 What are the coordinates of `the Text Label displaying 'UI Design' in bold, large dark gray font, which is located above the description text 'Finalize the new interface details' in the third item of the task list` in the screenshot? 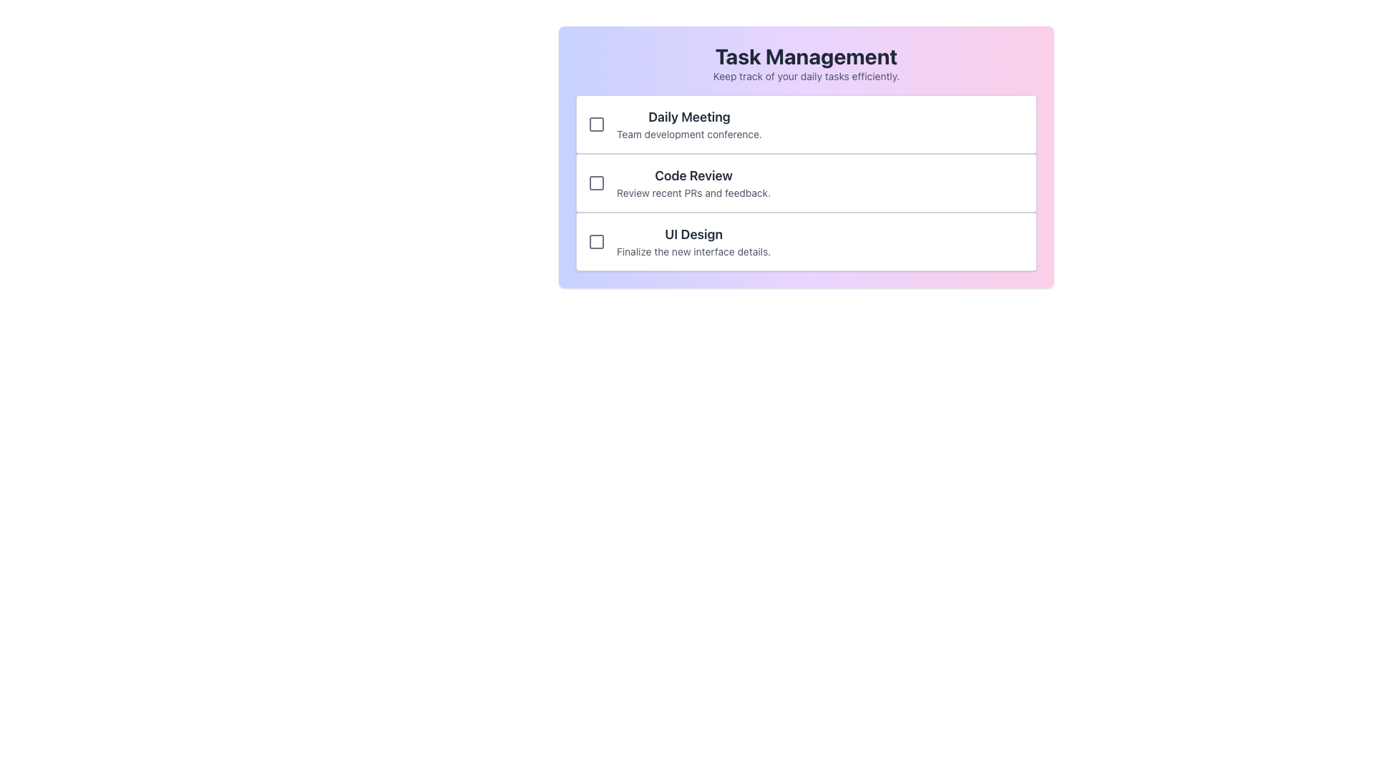 It's located at (693, 233).